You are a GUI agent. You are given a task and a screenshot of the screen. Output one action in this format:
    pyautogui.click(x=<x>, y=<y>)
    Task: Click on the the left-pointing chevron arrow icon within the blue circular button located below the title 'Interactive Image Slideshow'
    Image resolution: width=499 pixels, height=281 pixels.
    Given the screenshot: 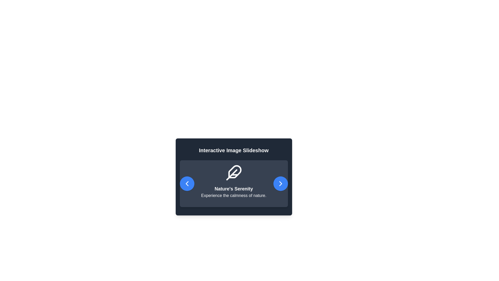 What is the action you would take?
    pyautogui.click(x=187, y=183)
    